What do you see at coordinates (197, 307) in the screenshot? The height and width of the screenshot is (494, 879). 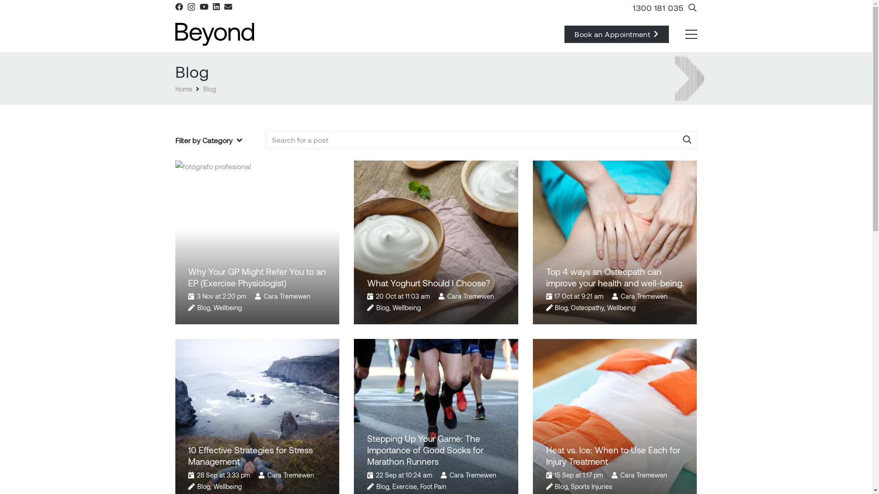 I see `'Blog'` at bounding box center [197, 307].